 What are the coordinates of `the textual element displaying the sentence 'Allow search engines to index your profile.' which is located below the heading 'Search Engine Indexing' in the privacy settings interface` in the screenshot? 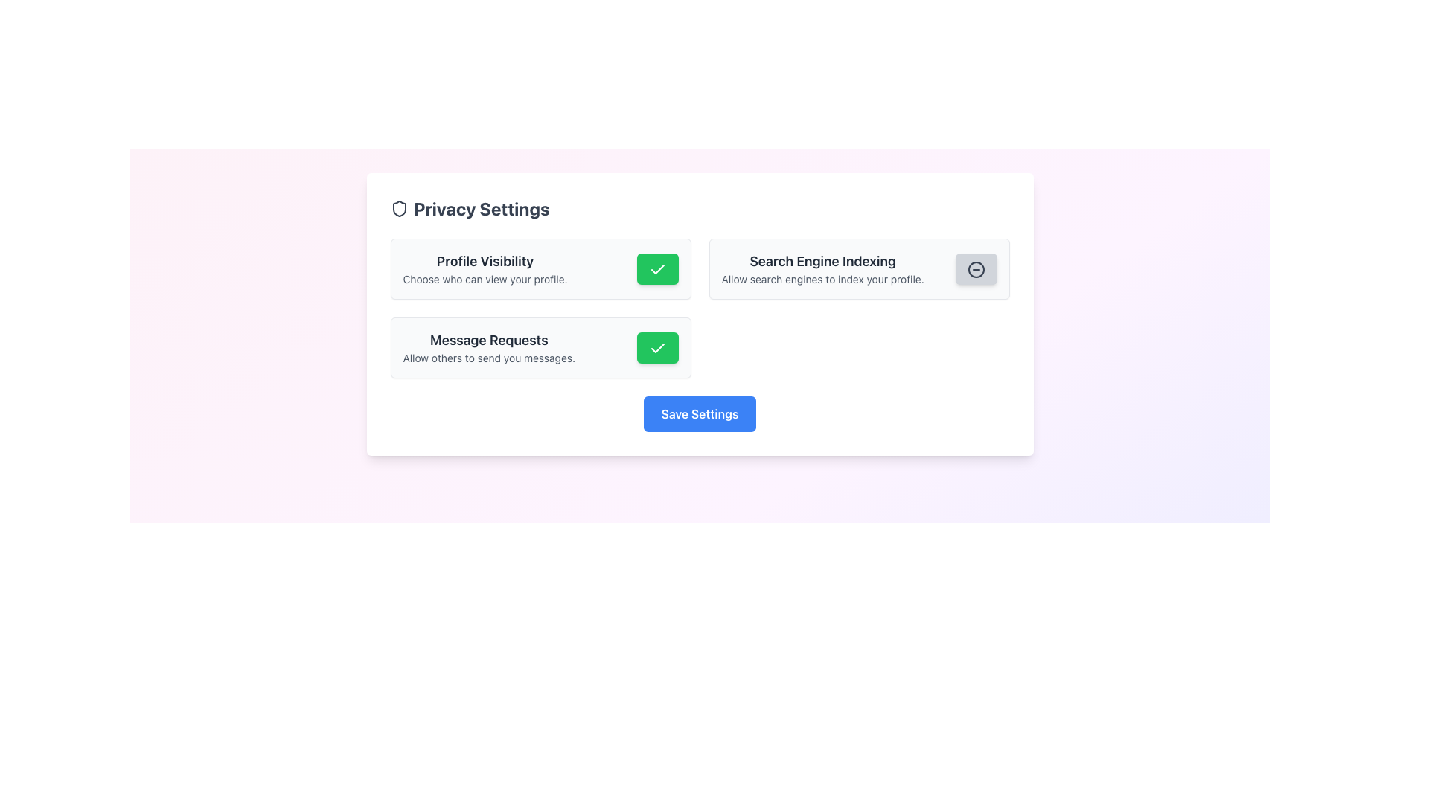 It's located at (822, 279).